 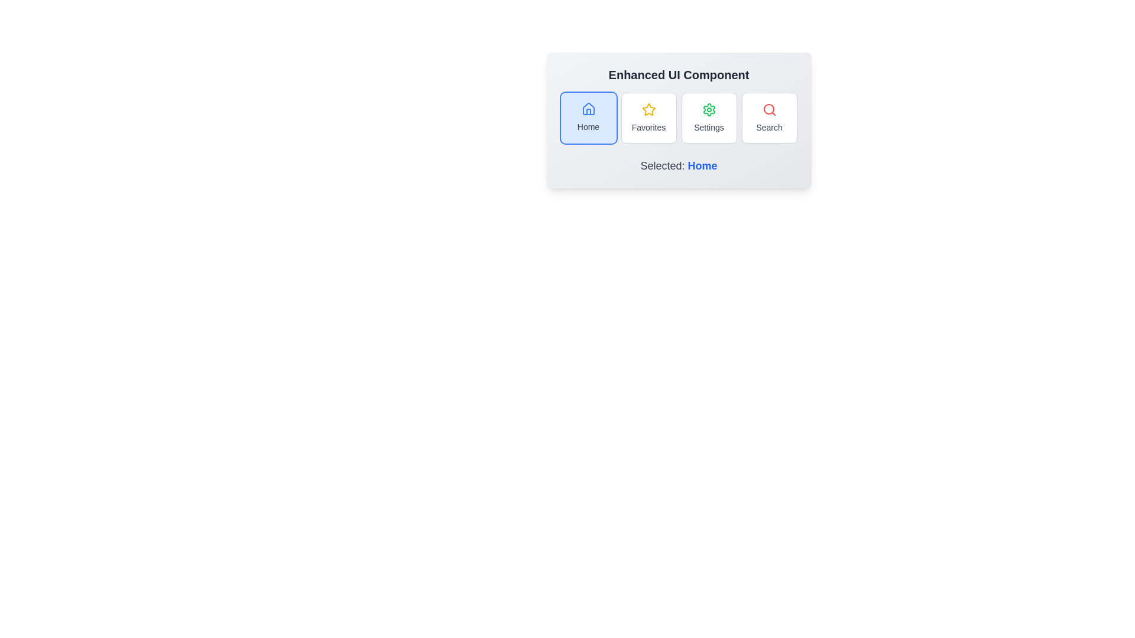 I want to click on the 'Favorites' label, which is styled in gray and located below the yellow star icon within a white card, so click(x=648, y=128).